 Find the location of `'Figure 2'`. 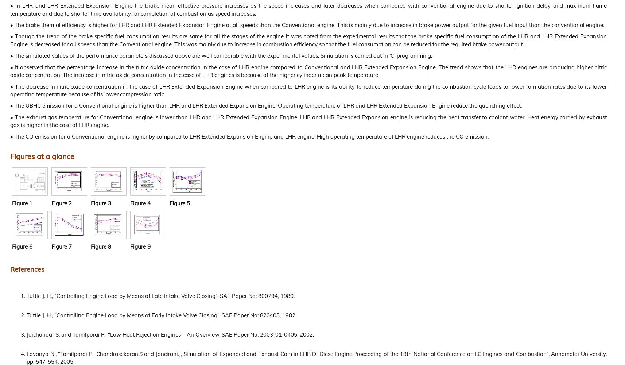

'Figure 2' is located at coordinates (62, 202).